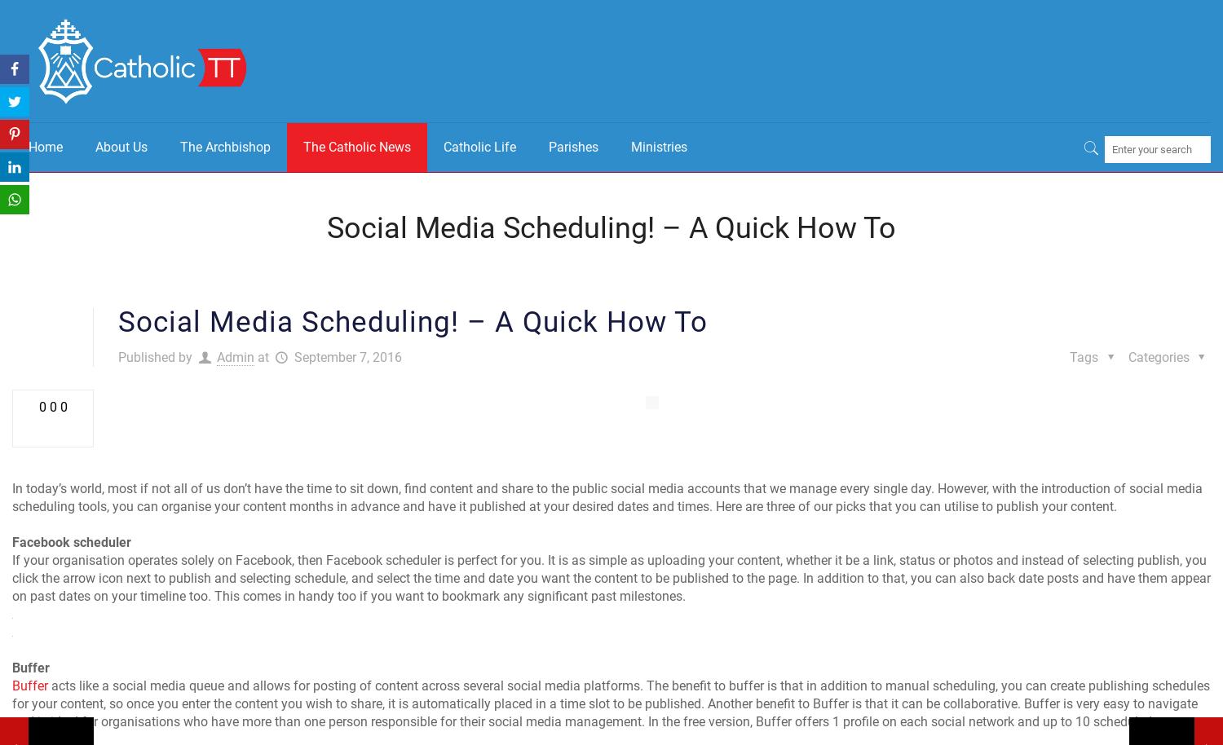  I want to click on 'at', so click(262, 356).